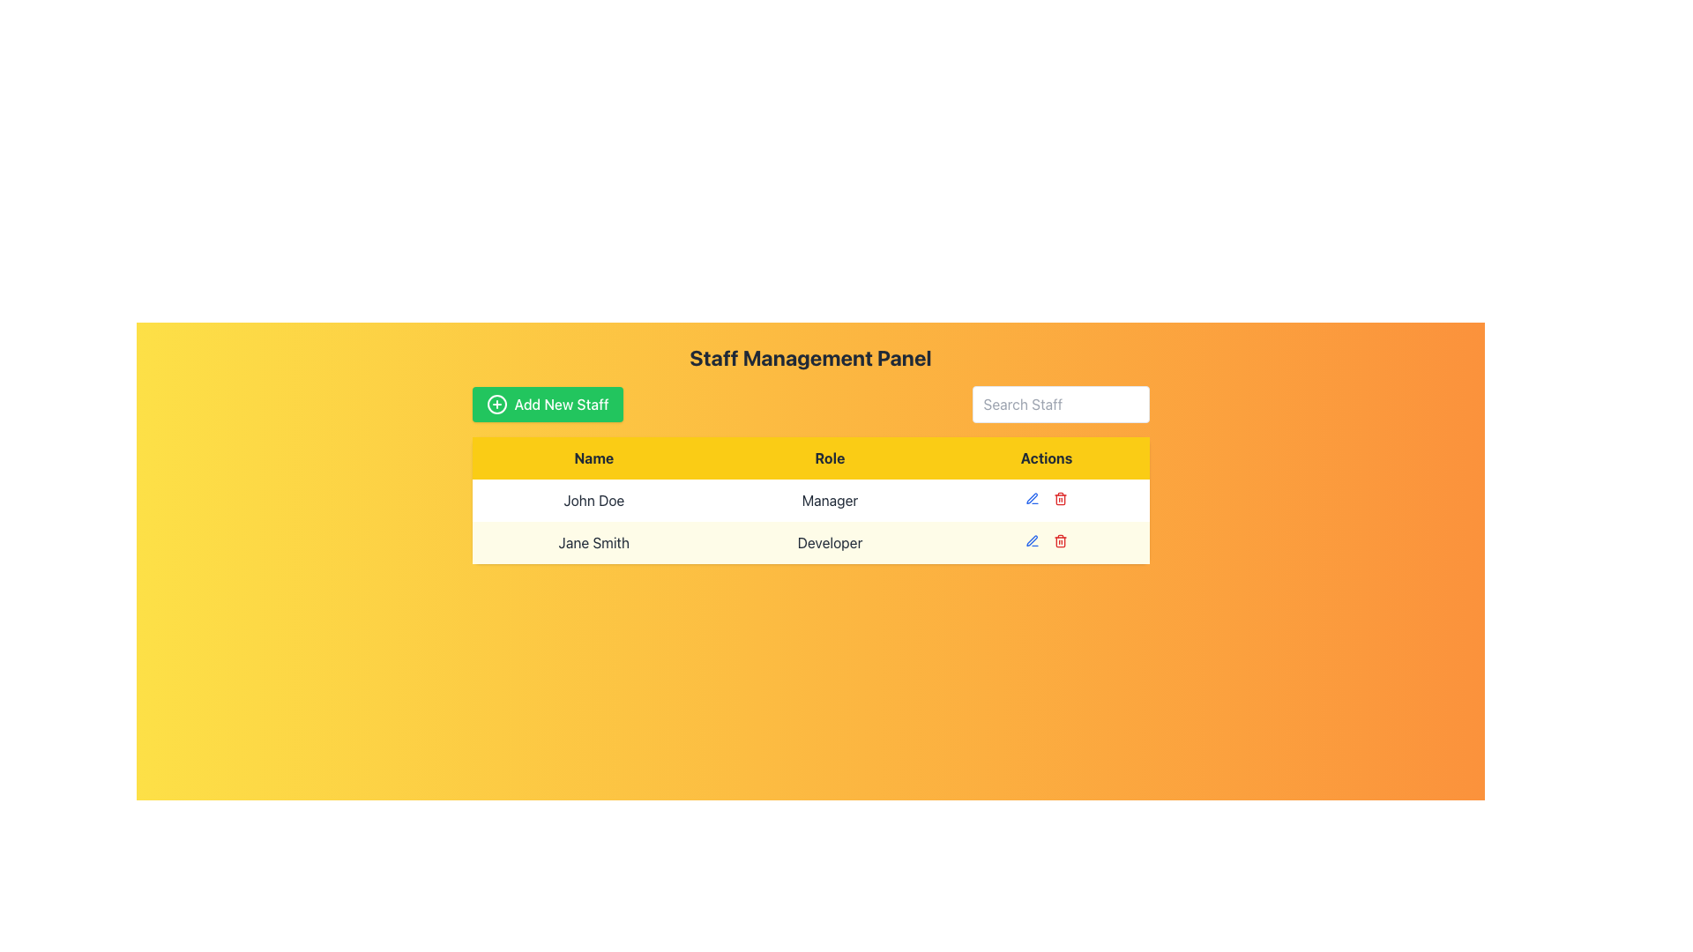 This screenshot has height=952, width=1693. Describe the element at coordinates (809, 500) in the screenshot. I see `the 'Role' text label that indicates the designation for 'John Doe' in the staff management interface` at that location.